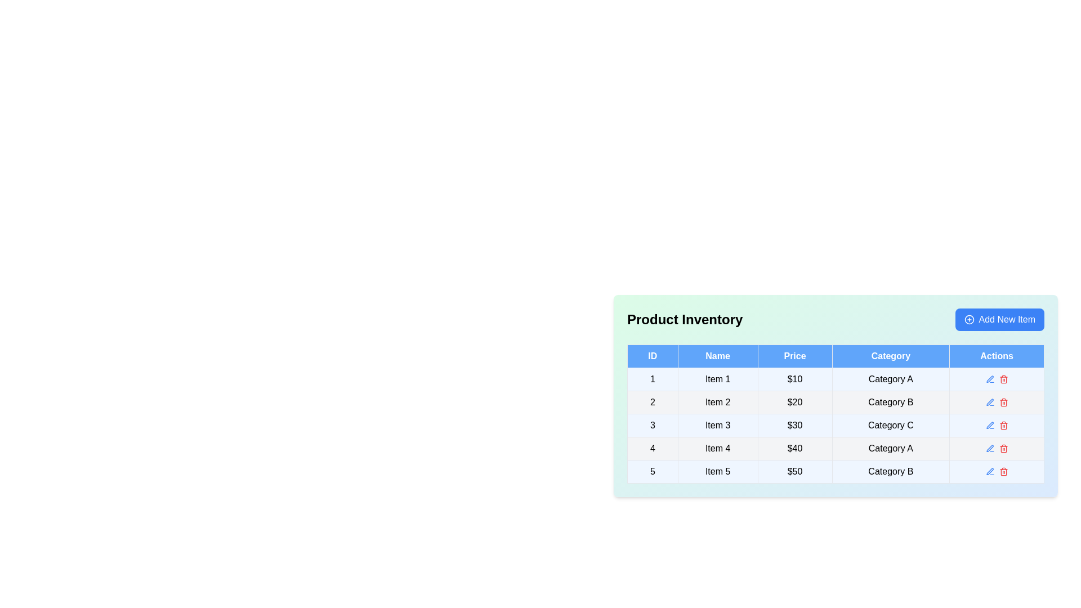 This screenshot has height=608, width=1081. I want to click on text displayed in the Text cell showing the number '4' located in the first column of the fourth row of the 'Product Inventory' table, so click(653, 448).